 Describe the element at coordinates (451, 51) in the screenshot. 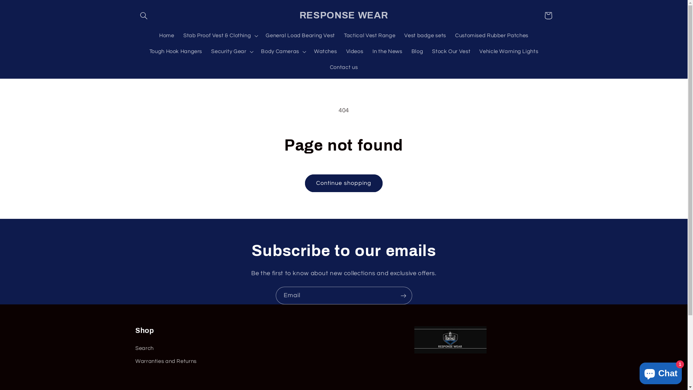

I see `'Stock Our Vest'` at that location.